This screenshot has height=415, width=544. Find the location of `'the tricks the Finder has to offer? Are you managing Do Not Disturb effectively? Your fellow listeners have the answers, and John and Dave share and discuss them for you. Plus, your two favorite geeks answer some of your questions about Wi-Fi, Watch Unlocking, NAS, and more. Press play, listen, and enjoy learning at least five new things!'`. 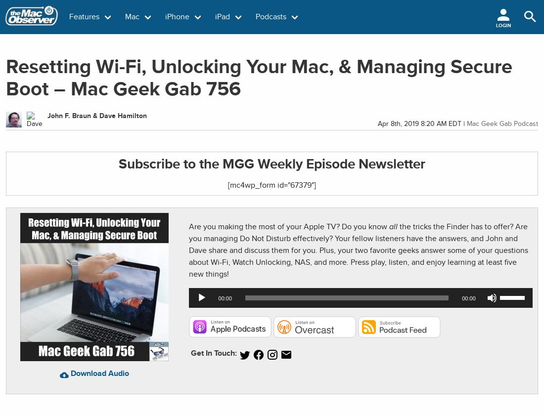

'the tricks the Finder has to offer? Are you managing Do Not Disturb effectively? Your fellow listeners have the answers, and John and Dave share and discuss them for you. Plus, your two favorite geeks answer some of your questions about Wi-Fi, Watch Unlocking, NAS, and more. Press play, listen, and enjoy learning at least five new things!' is located at coordinates (189, 250).